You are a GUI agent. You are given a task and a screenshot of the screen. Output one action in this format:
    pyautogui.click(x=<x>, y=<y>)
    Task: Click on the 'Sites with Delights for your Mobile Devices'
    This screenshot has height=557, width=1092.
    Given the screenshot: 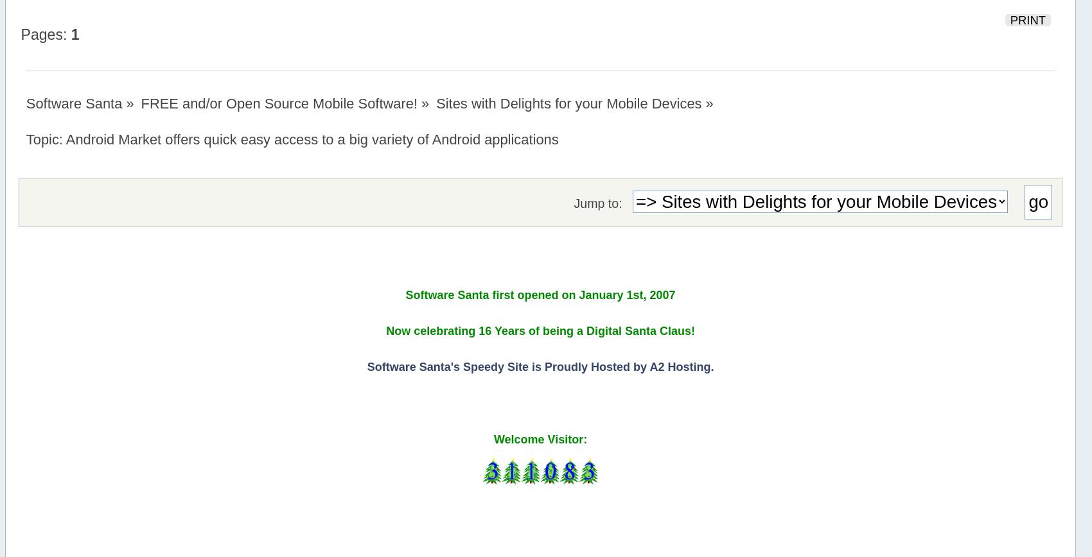 What is the action you would take?
    pyautogui.click(x=568, y=103)
    